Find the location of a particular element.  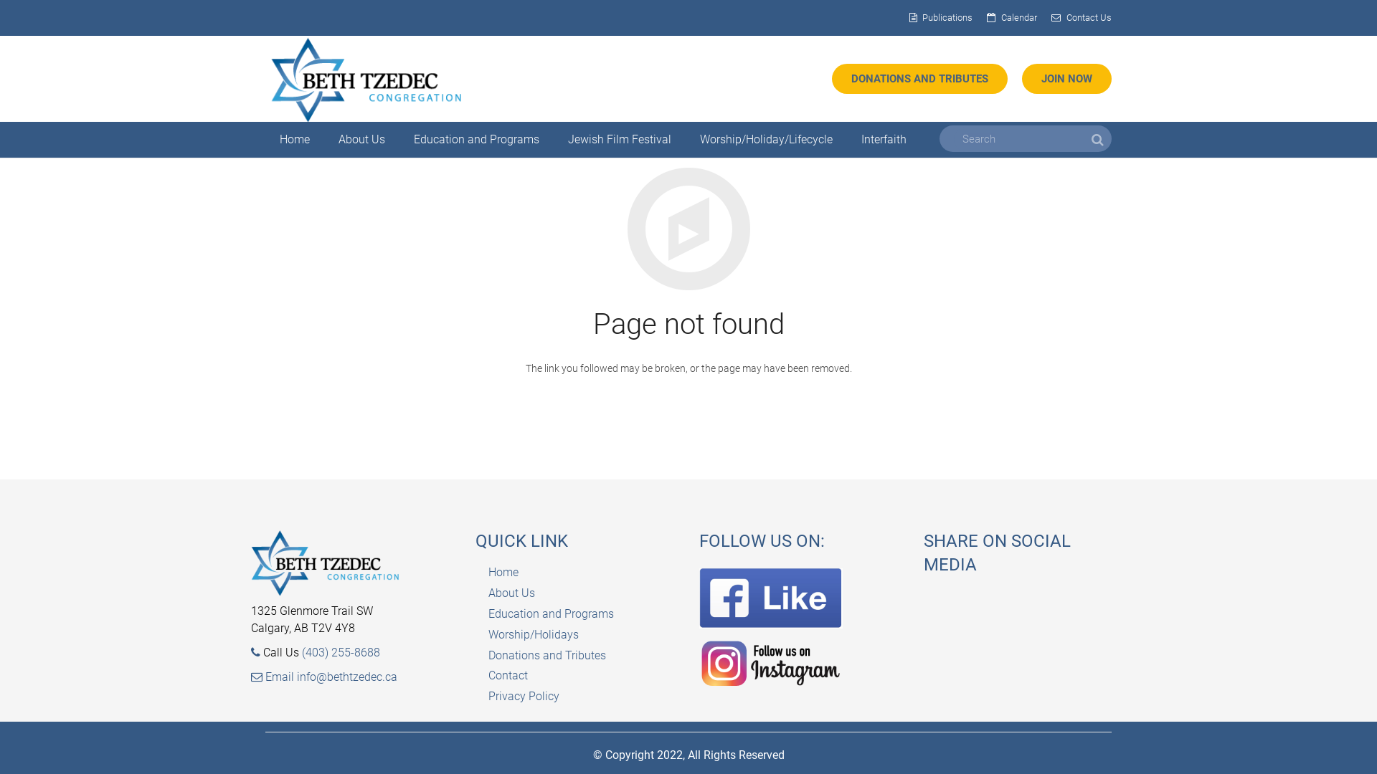

'About Us' is located at coordinates (361, 140).